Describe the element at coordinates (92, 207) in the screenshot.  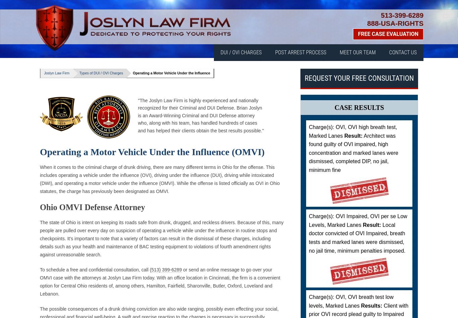
I see `'Ohio OMVI Defense Attorney'` at that location.